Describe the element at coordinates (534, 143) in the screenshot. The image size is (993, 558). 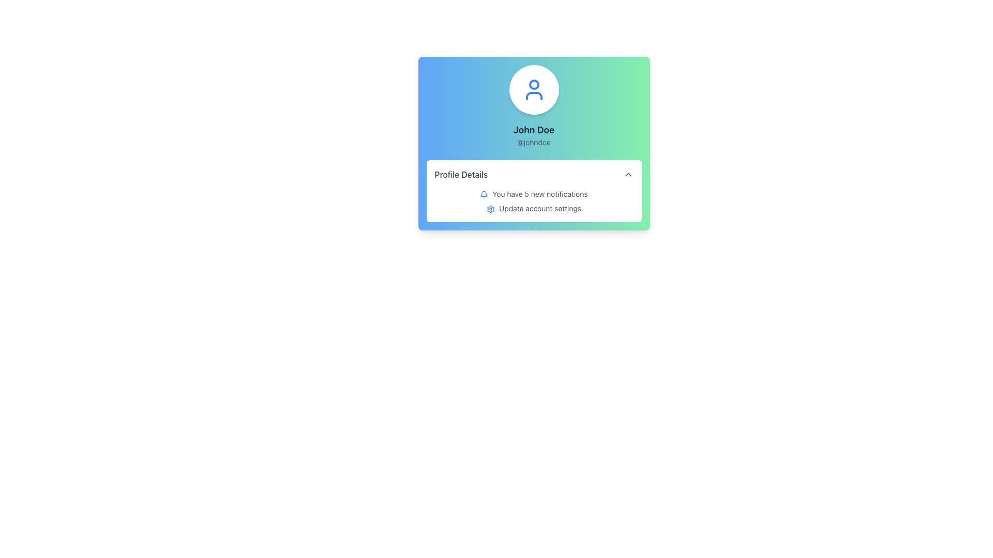
I see `username displayed in the text label located below the 'John Doe' text within the user profile card` at that location.